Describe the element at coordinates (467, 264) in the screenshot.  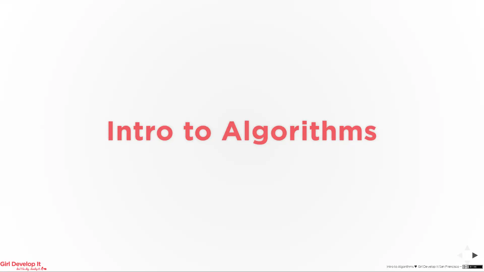
I see `below slide` at that location.